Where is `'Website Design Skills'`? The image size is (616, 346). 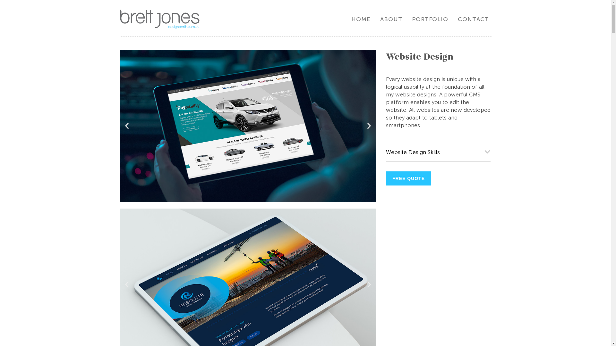 'Website Design Skills' is located at coordinates (385, 152).